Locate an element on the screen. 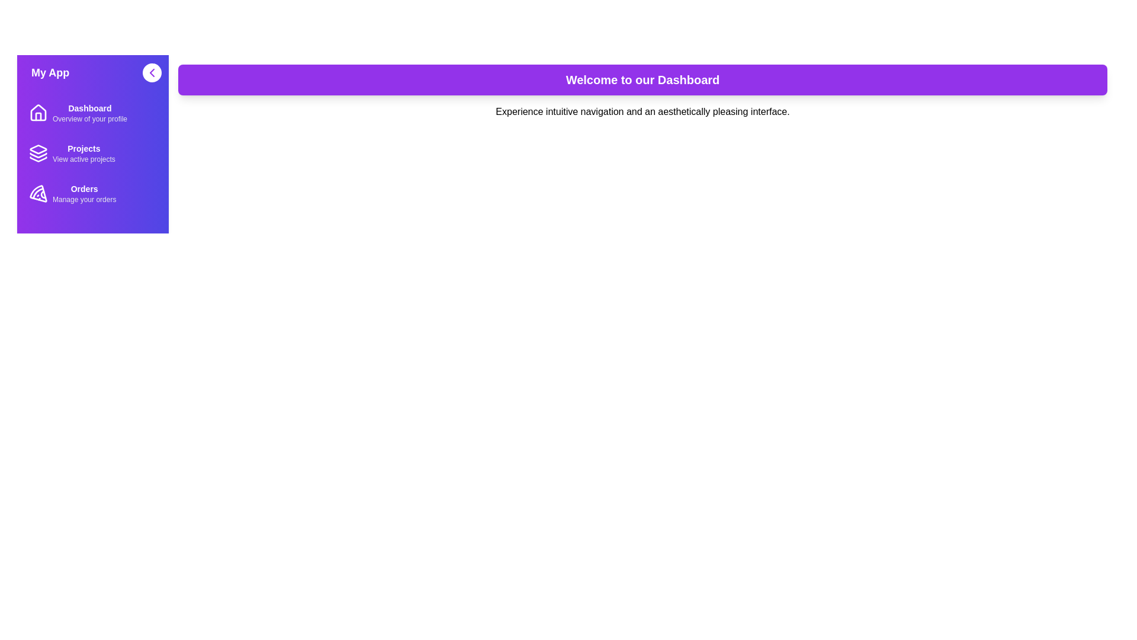 The width and height of the screenshot is (1137, 640). the 'Projects' menu item in the sidebar to navigate is located at coordinates (92, 152).